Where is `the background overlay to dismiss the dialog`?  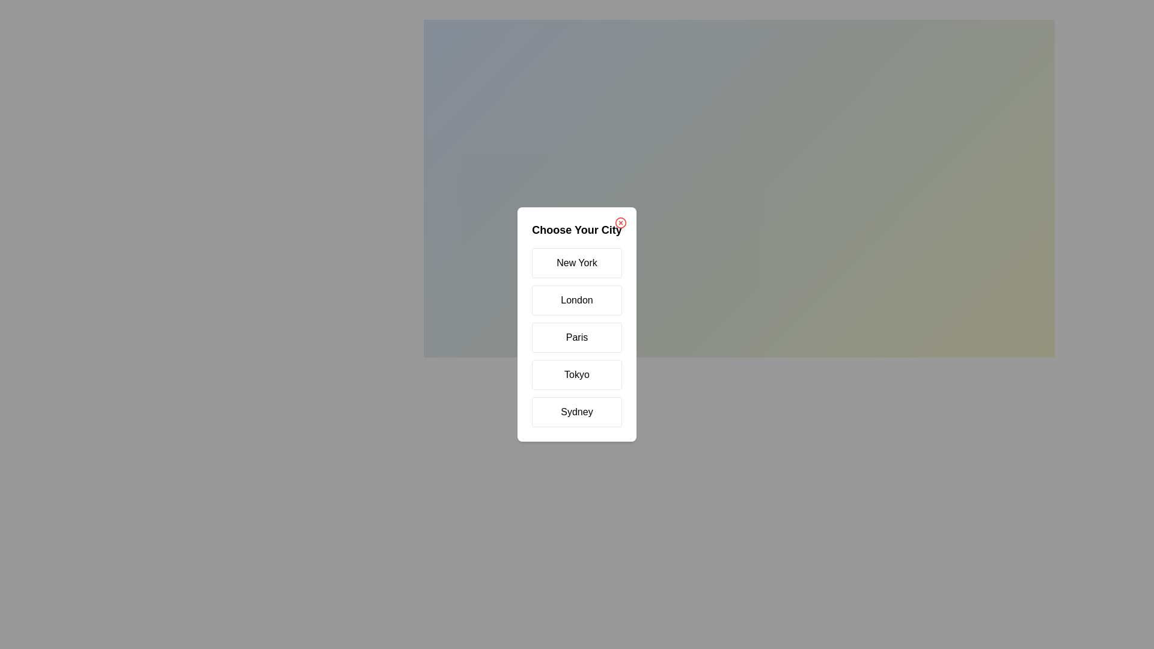
the background overlay to dismiss the dialog is located at coordinates (577, 324).